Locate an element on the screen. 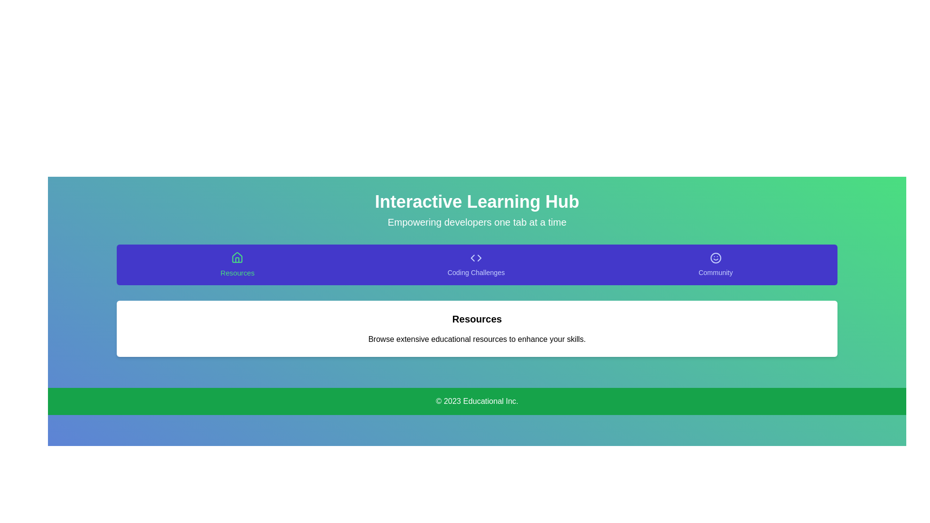  the Resources tab to activate its content is located at coordinates (237, 265).